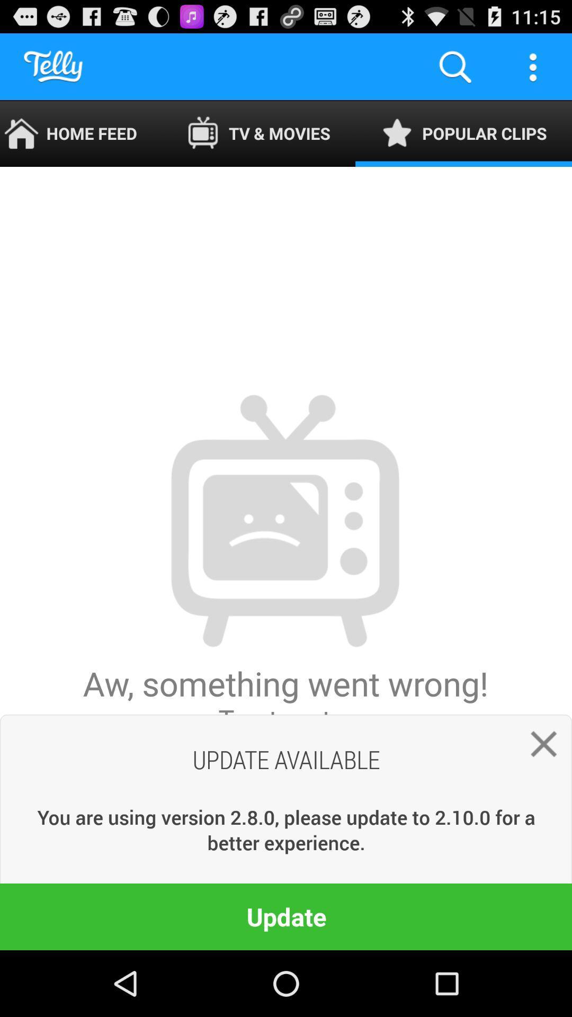 This screenshot has height=1017, width=572. Describe the element at coordinates (285, 558) in the screenshot. I see `the item above the you are using item` at that location.